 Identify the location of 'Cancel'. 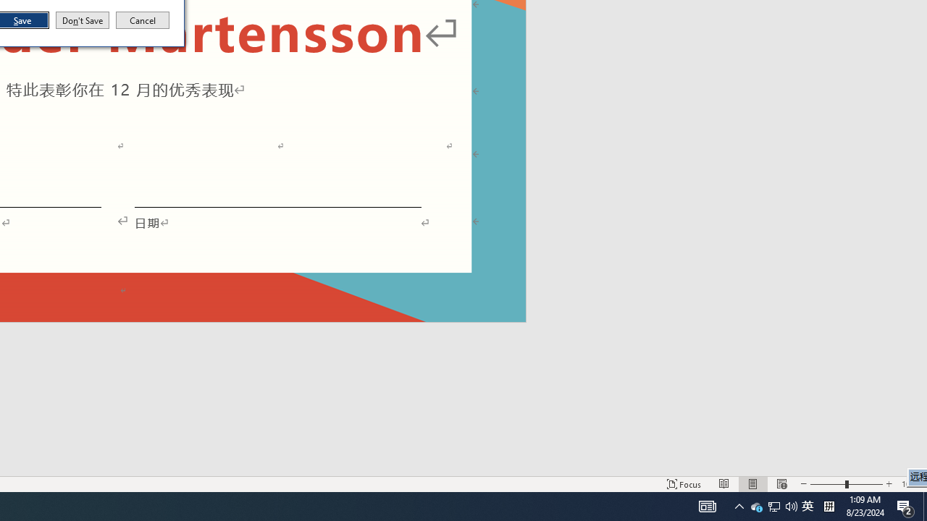
(143, 20).